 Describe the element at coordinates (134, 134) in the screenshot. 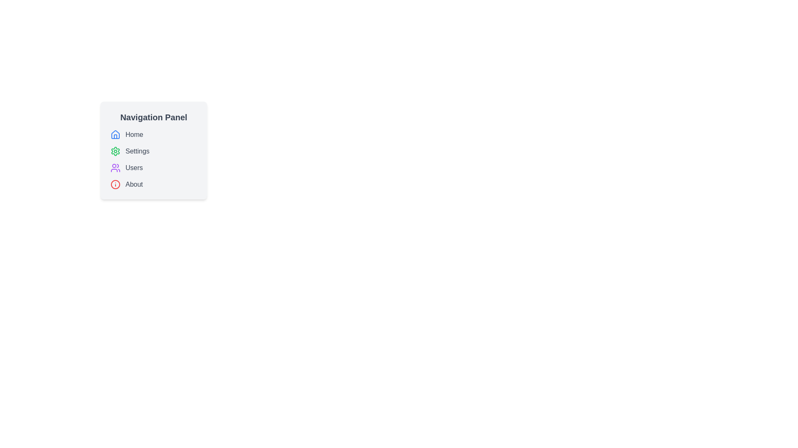

I see `'Home' text label in the navigation panel, which is the first entry associated with the Home icon` at that location.